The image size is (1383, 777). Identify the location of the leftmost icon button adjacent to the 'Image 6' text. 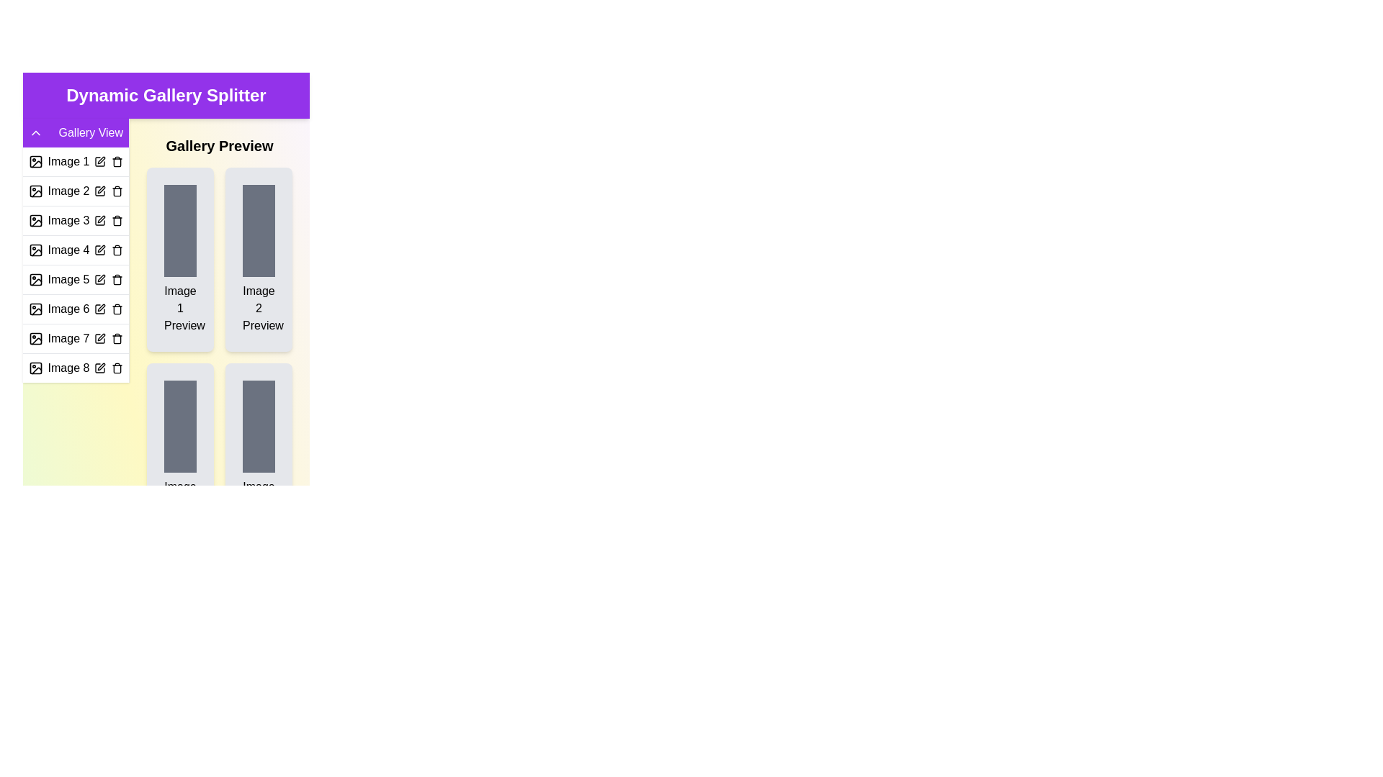
(99, 308).